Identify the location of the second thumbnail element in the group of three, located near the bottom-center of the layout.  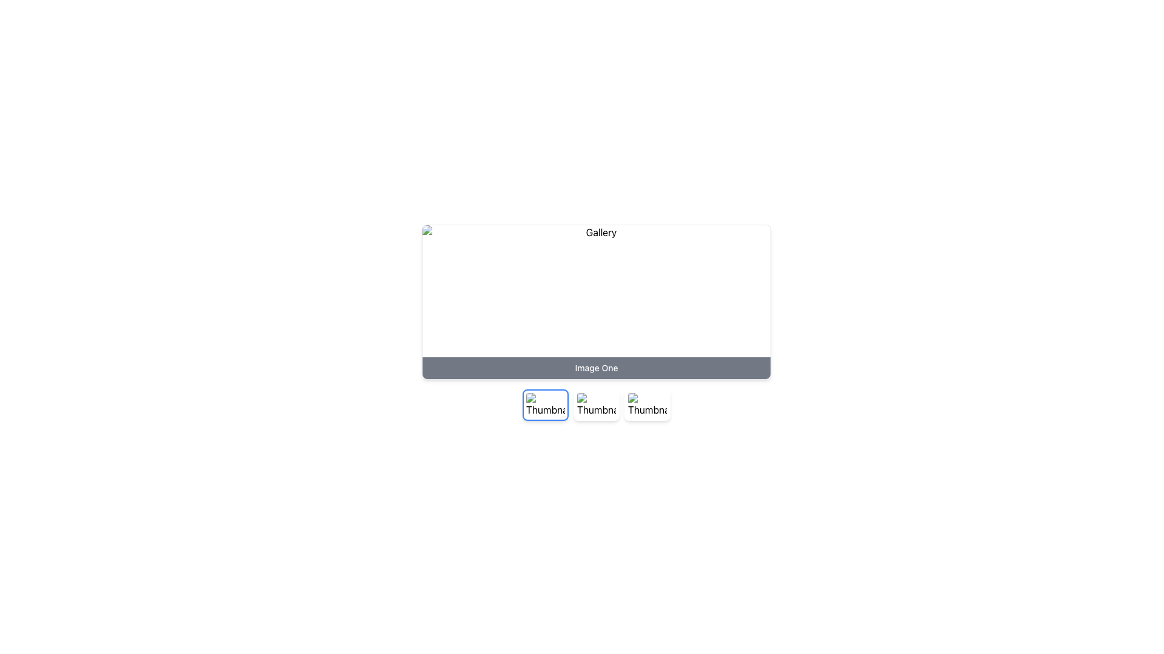
(596, 405).